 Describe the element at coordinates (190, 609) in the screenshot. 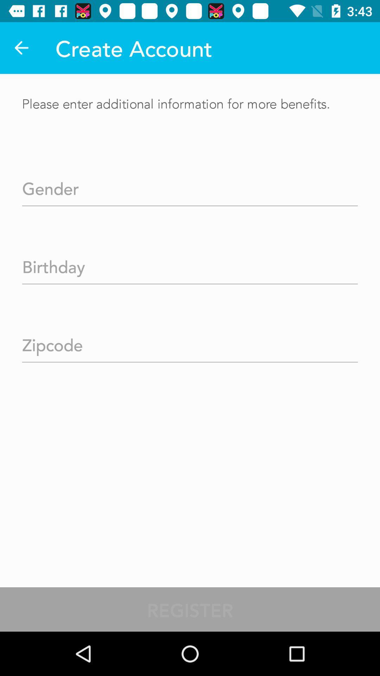

I see `the register` at that location.